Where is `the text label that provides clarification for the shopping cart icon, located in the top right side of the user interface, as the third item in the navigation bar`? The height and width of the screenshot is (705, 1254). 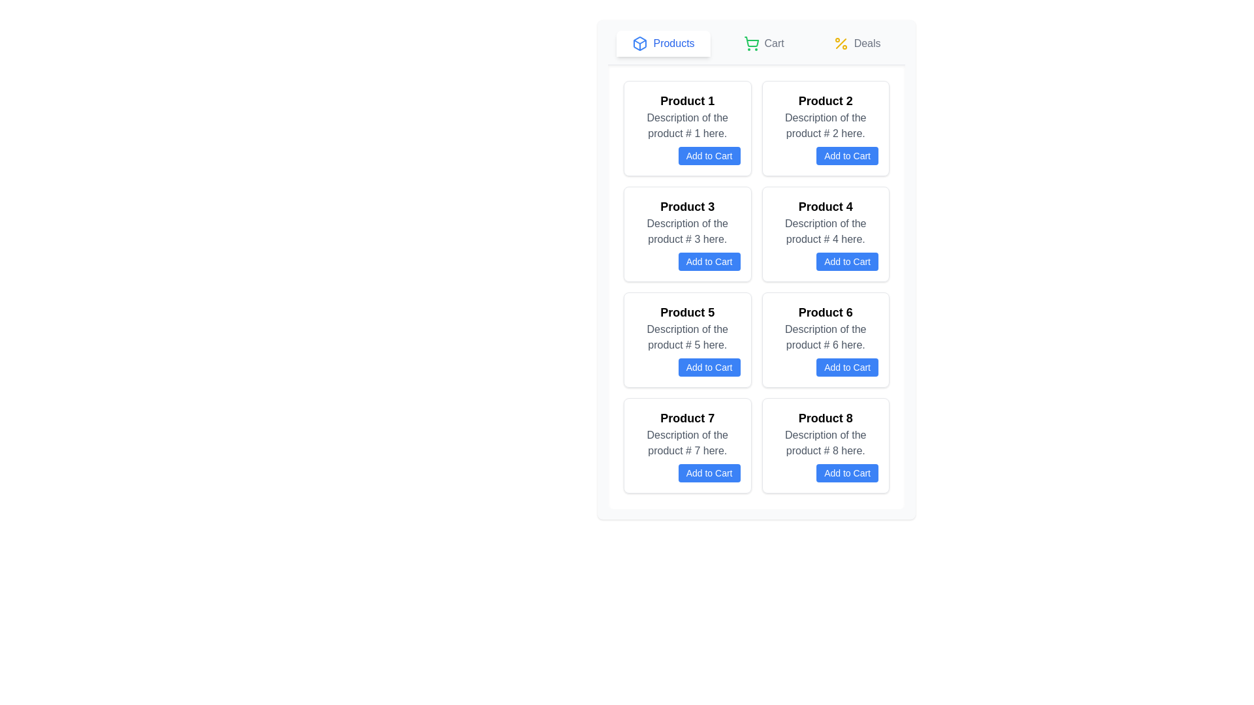
the text label that provides clarification for the shopping cart icon, located in the top right side of the user interface, as the third item in the navigation bar is located at coordinates (774, 42).